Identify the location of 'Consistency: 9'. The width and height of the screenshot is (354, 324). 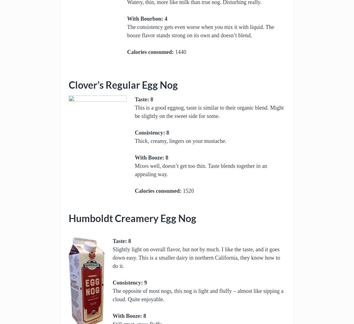
(130, 282).